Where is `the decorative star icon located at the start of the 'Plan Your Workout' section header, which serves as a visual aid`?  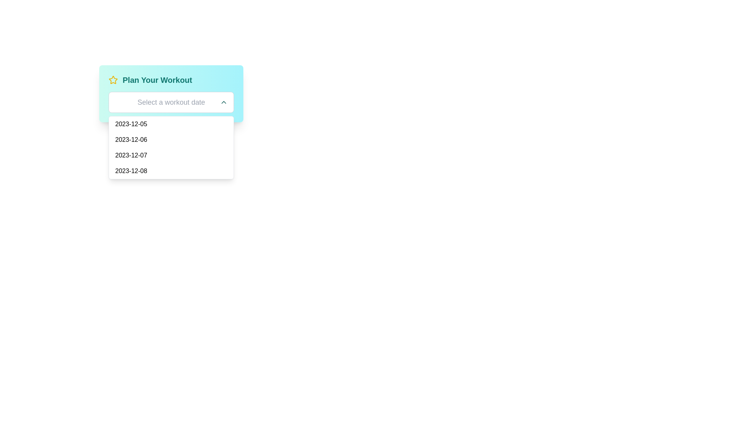 the decorative star icon located at the start of the 'Plan Your Workout' section header, which serves as a visual aid is located at coordinates (112, 80).